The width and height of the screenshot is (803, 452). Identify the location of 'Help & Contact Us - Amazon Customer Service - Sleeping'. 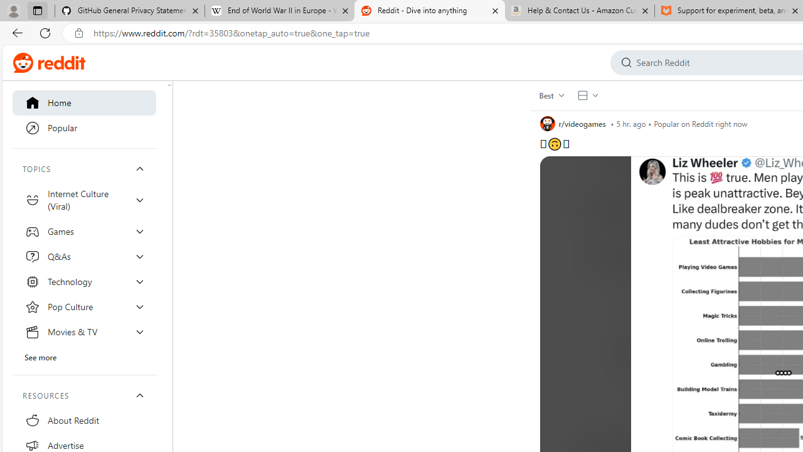
(579, 11).